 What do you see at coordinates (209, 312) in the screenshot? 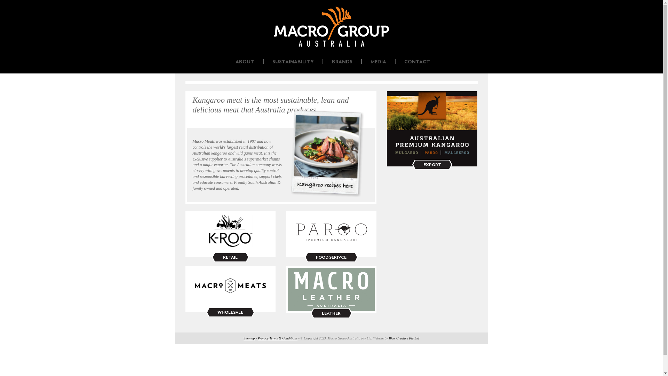
I see `'WHOLESALE'` at bounding box center [209, 312].